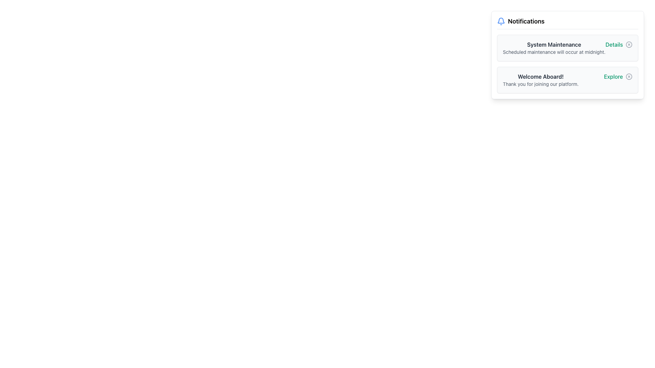  What do you see at coordinates (554, 48) in the screenshot?
I see `the 'System Maintenance' text block located in the top notification card of the notification panel, which includes the title and description` at bounding box center [554, 48].